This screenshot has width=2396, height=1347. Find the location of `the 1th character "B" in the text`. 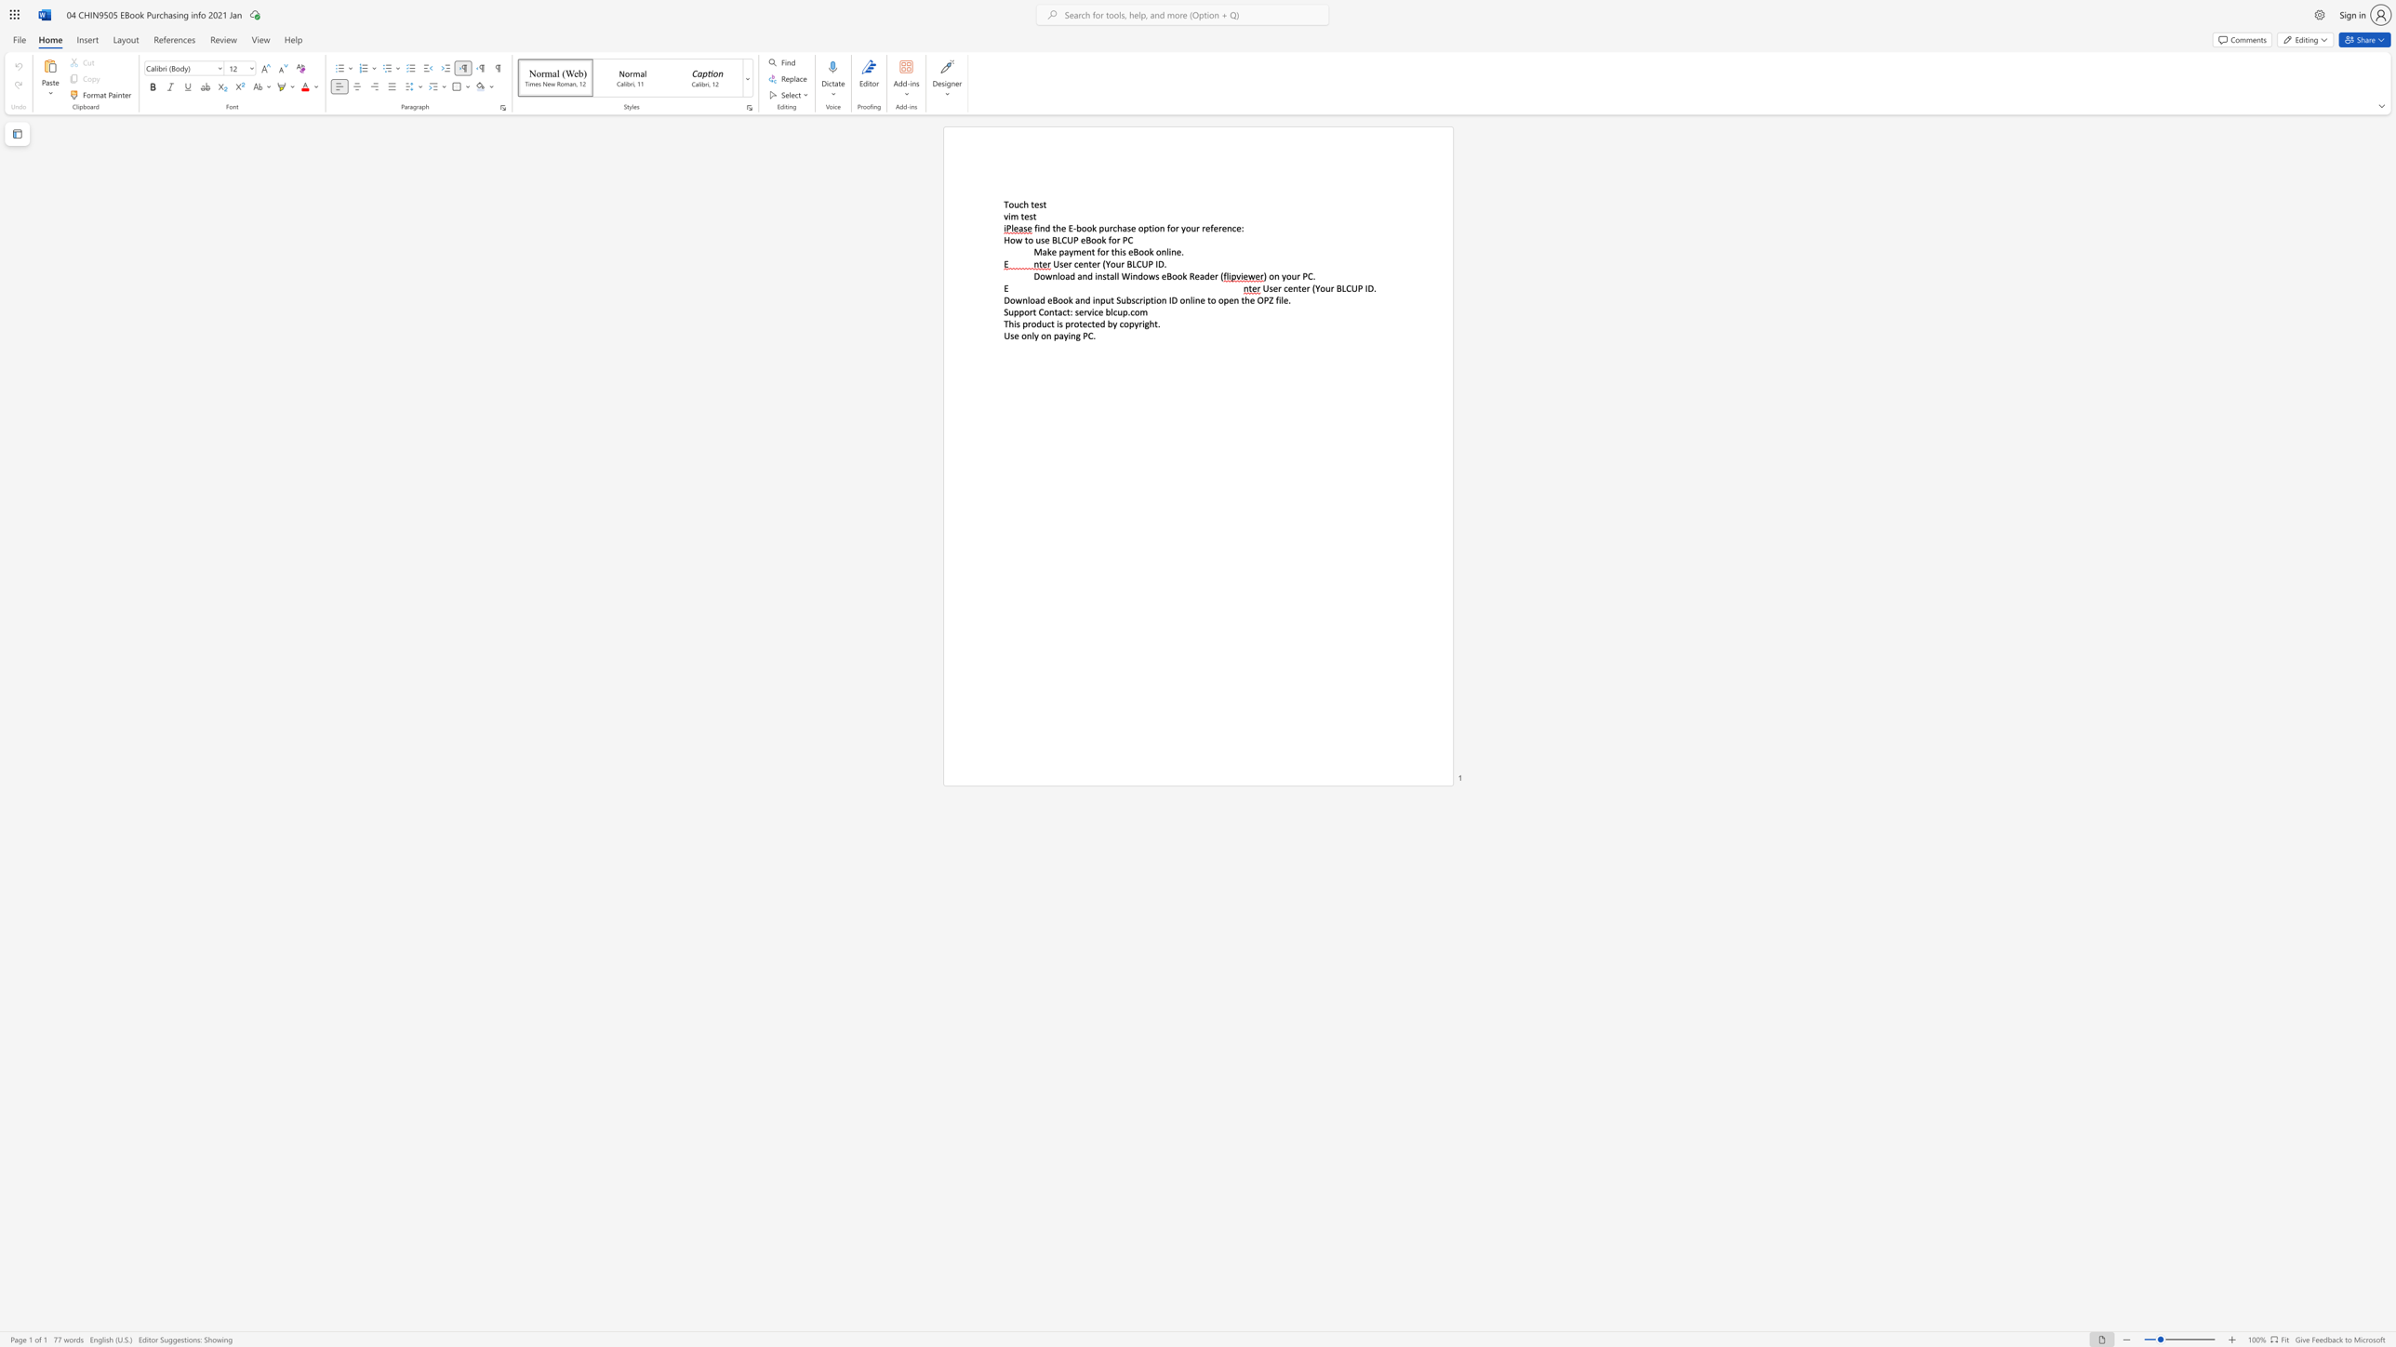

the 1th character "B" in the text is located at coordinates (1129, 263).